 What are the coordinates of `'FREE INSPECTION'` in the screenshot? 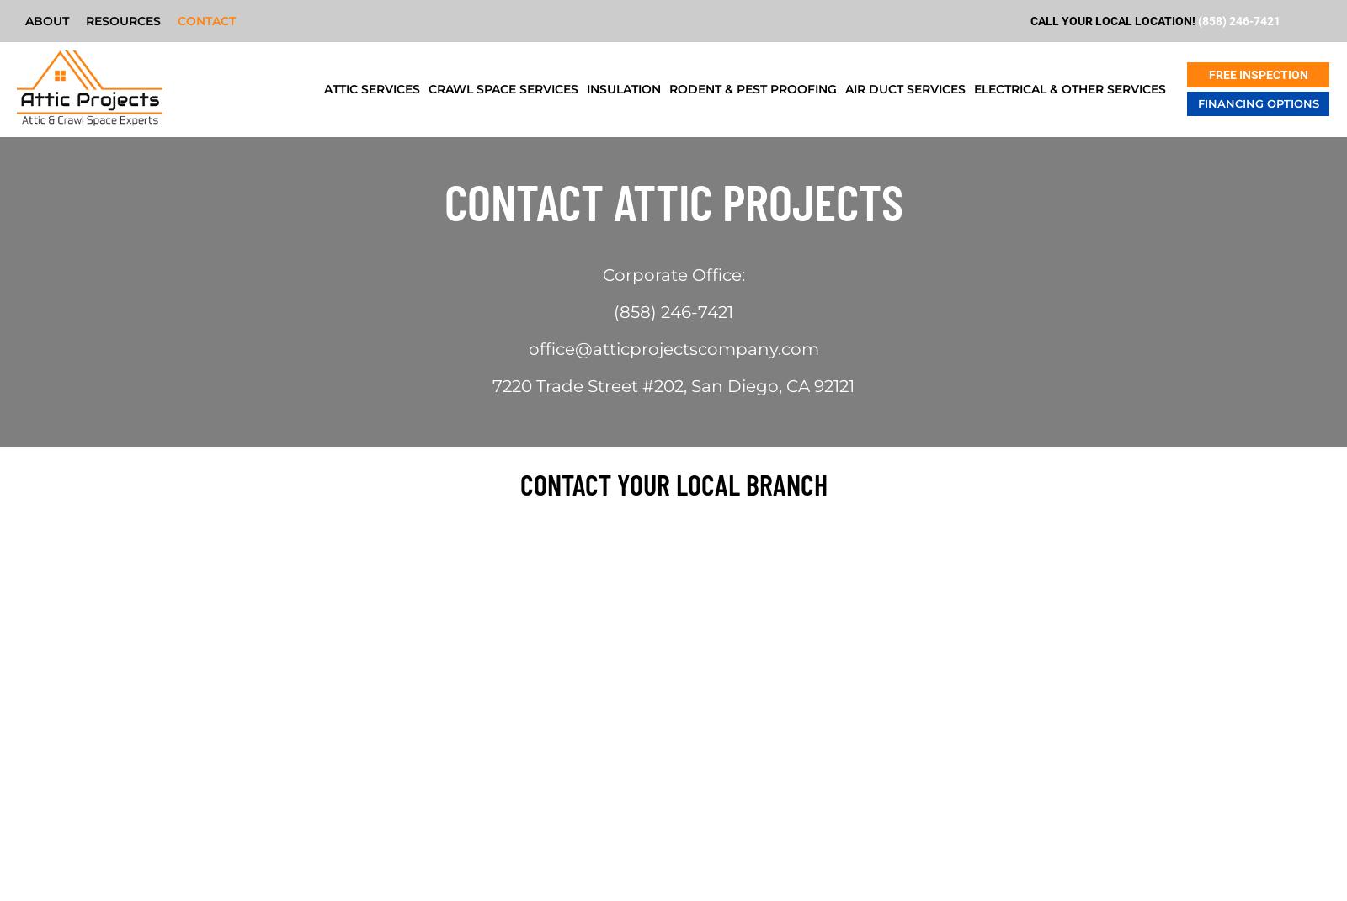 It's located at (1257, 75).